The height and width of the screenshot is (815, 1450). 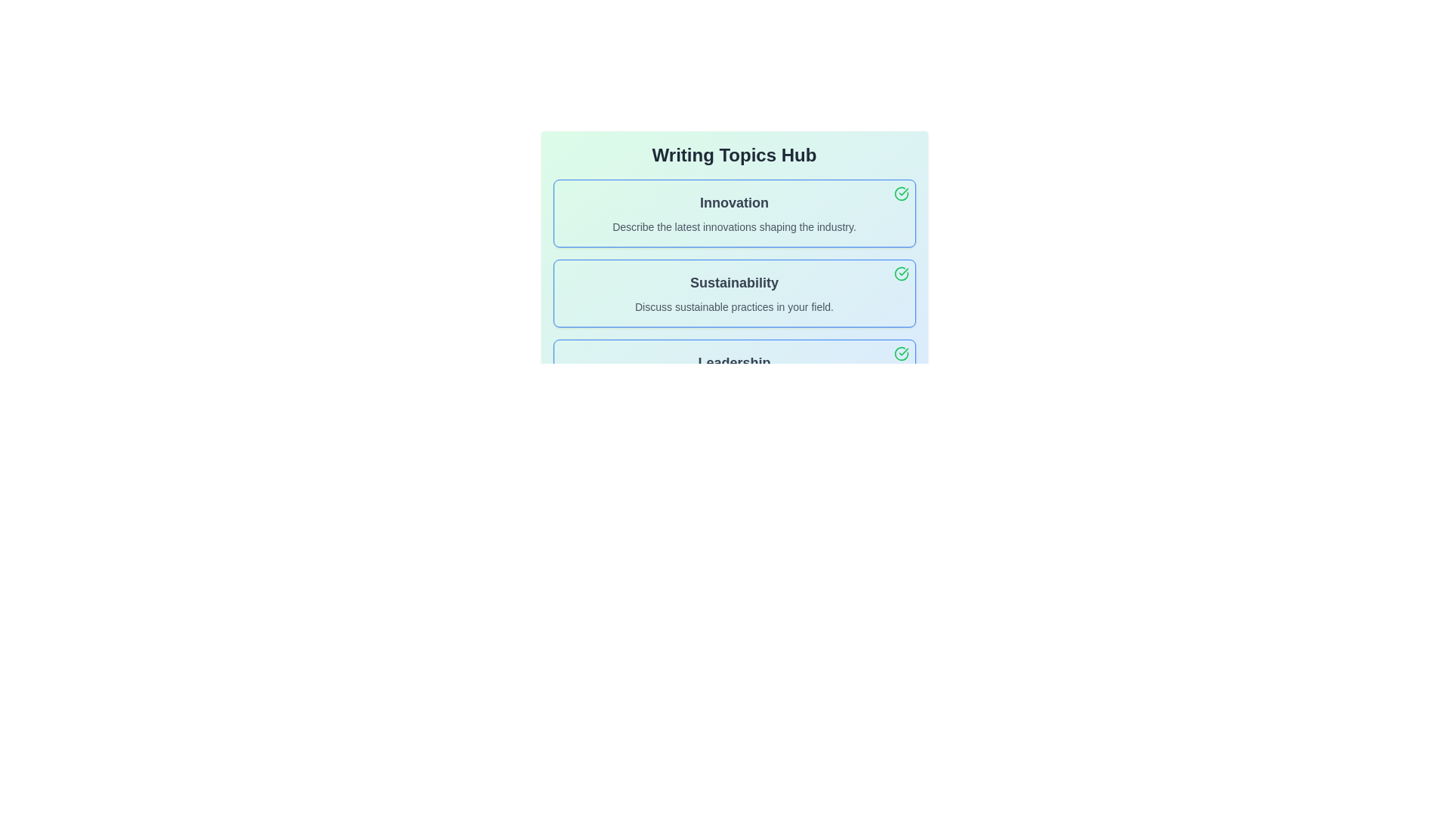 What do you see at coordinates (901, 273) in the screenshot?
I see `the deactivation button for the topic 'Sustainability'` at bounding box center [901, 273].